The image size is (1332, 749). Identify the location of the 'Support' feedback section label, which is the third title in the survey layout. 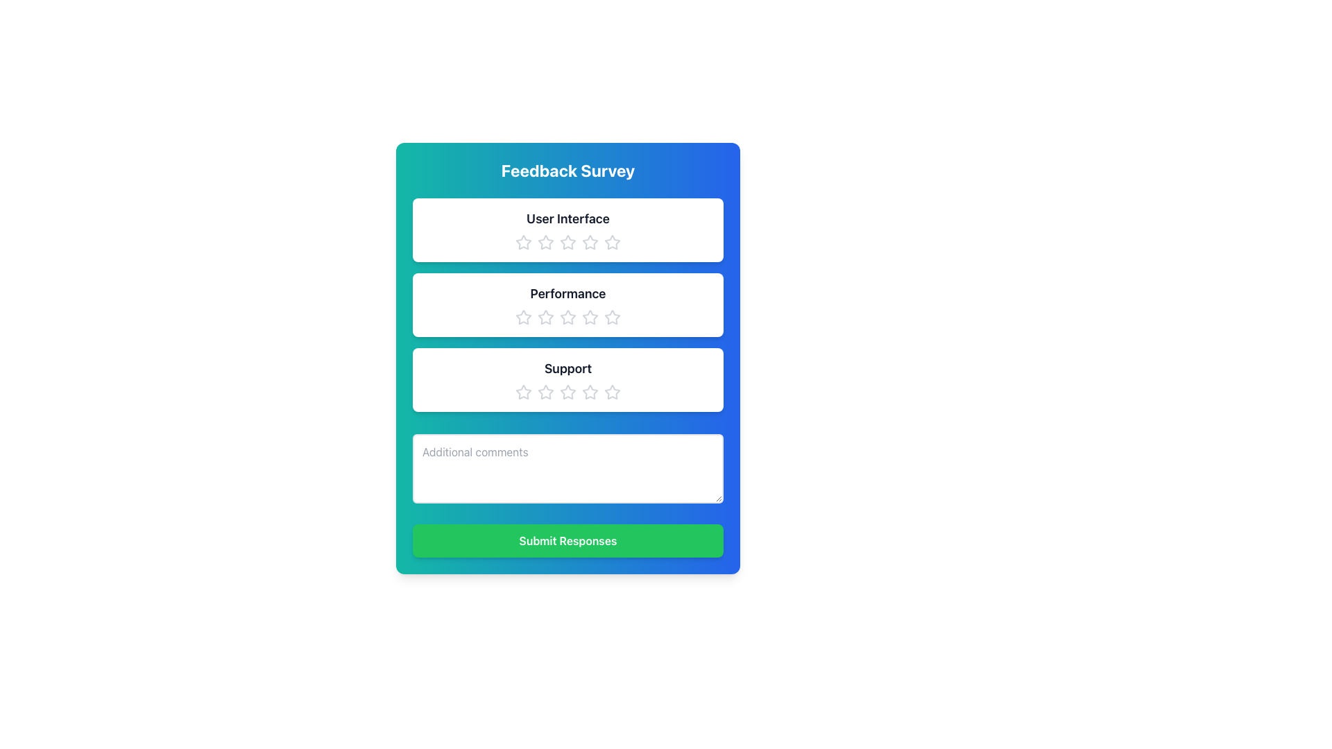
(568, 368).